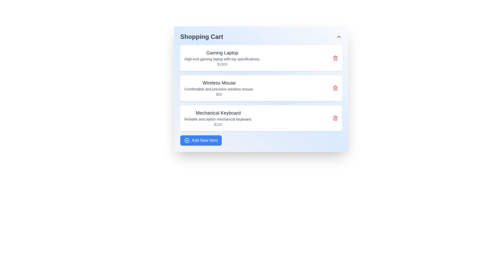 The width and height of the screenshot is (498, 280). I want to click on product details displayed in the informational area of the mechanical keyboard, which is the content area within the third item of the shopping cart list, located below the 'Wireless Mouse' item, so click(218, 118).